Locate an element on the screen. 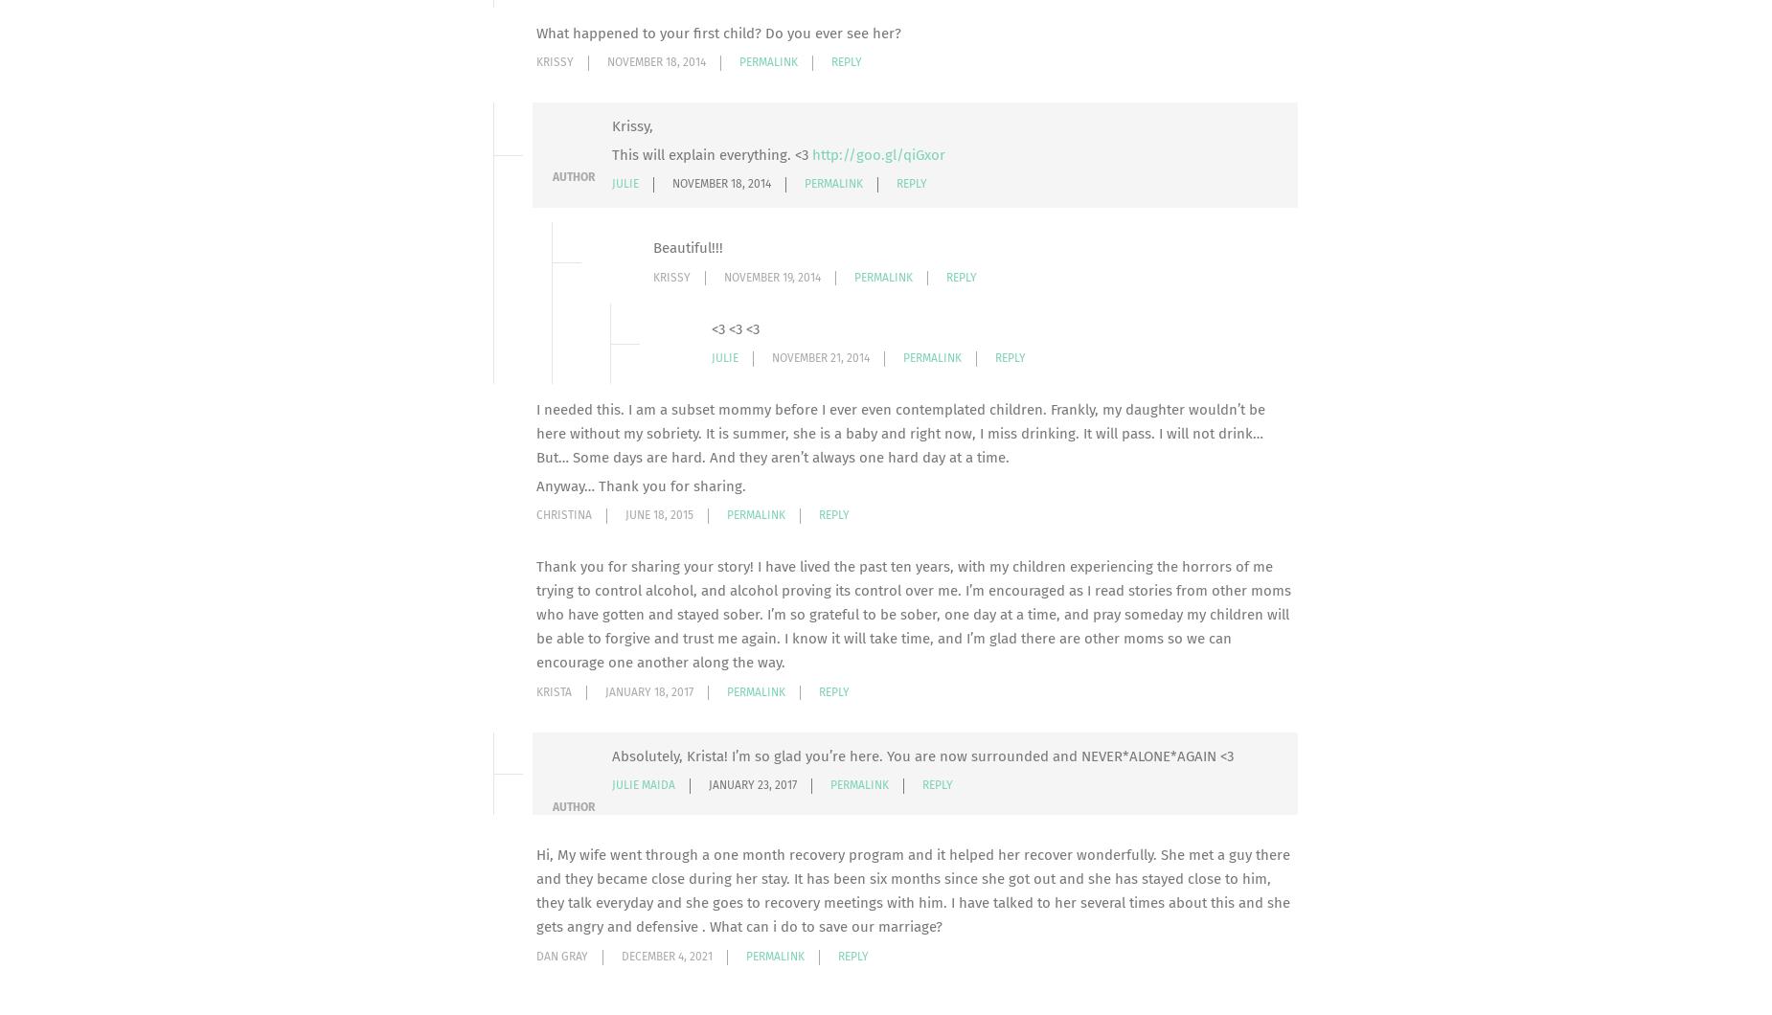 The image size is (1772, 1015). 'I needed this. I am a subset mommy before I ever even contemplated children. Frankly, my daughter wouldn’t be here without my sobriety. It is summer, she is a baby and right now, I miss drinking. It will pass. I will not drink… But… Some days are hard. And they aren’t always one hard day at a time.' is located at coordinates (899, 433).